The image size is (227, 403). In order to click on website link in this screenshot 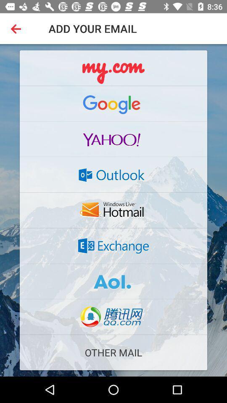, I will do `click(113, 246)`.